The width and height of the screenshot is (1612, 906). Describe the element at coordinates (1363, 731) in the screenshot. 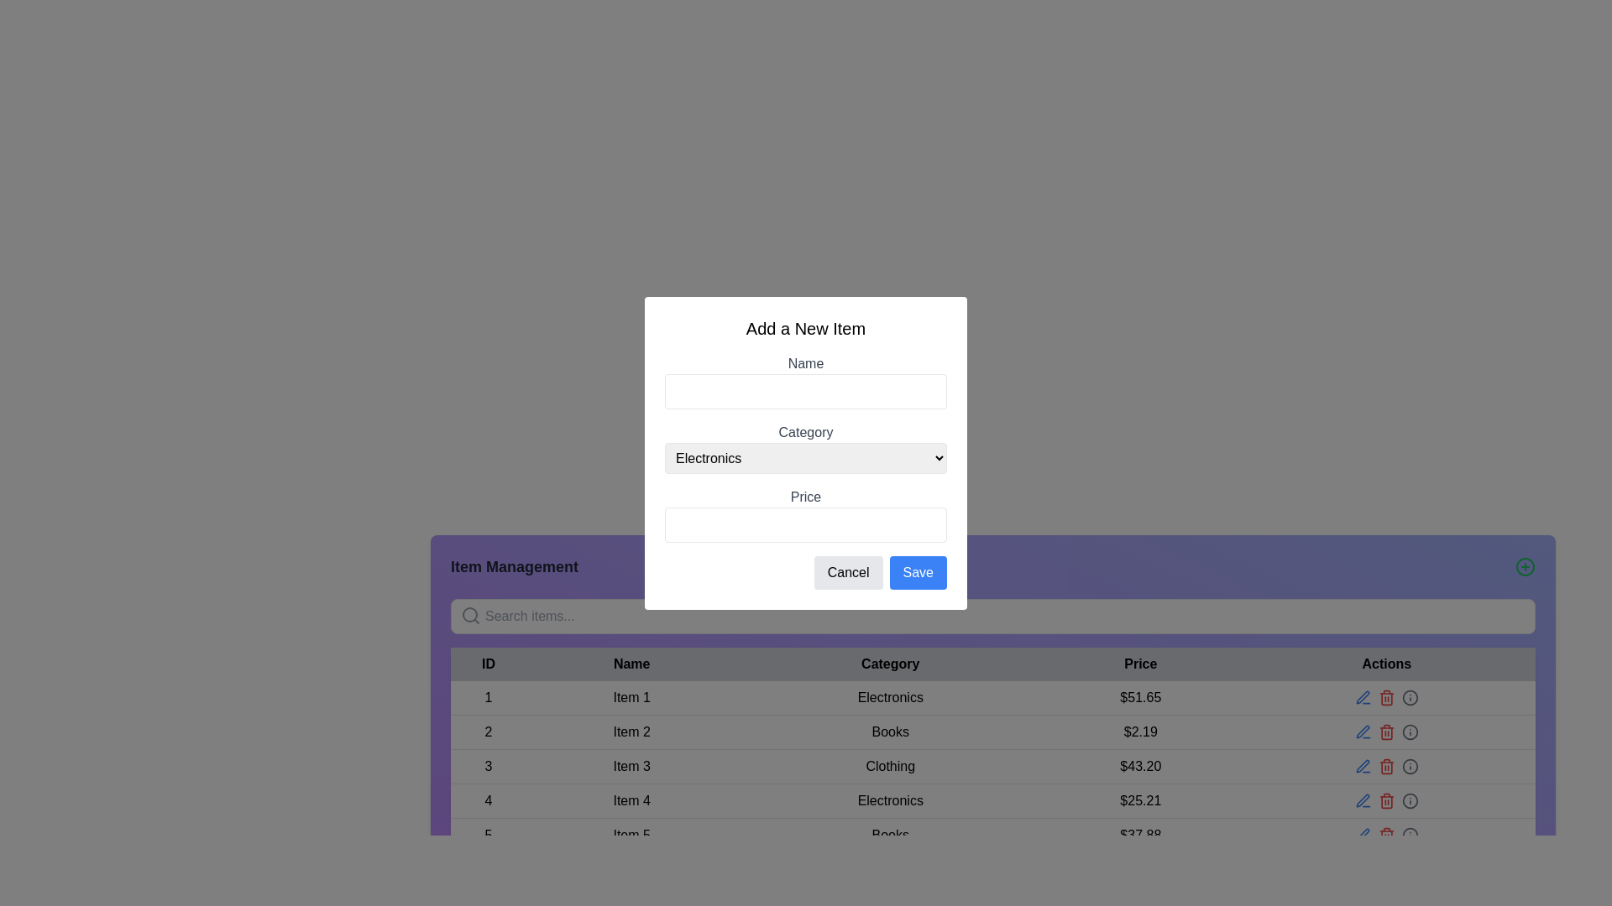

I see `the pen/editing icon located in the first position of the actions column for the item priced at $2.19 in the second row of the table to initiate an edit action` at that location.